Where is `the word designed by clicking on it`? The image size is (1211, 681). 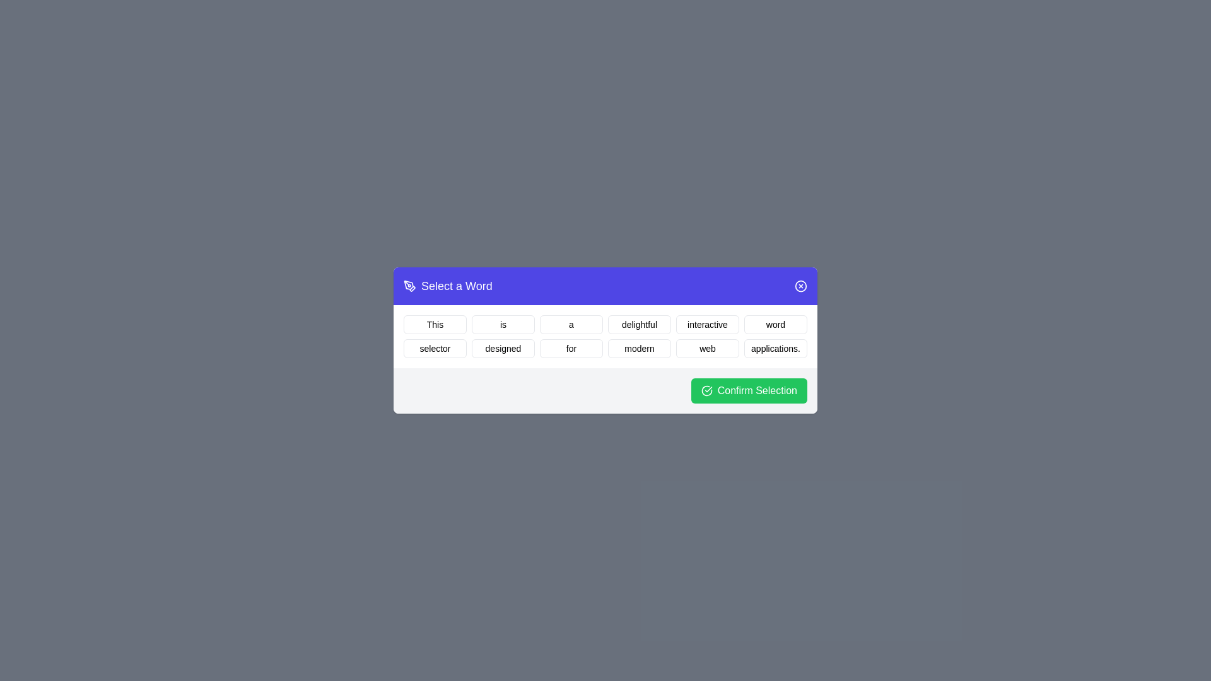 the word designed by clicking on it is located at coordinates (502, 348).